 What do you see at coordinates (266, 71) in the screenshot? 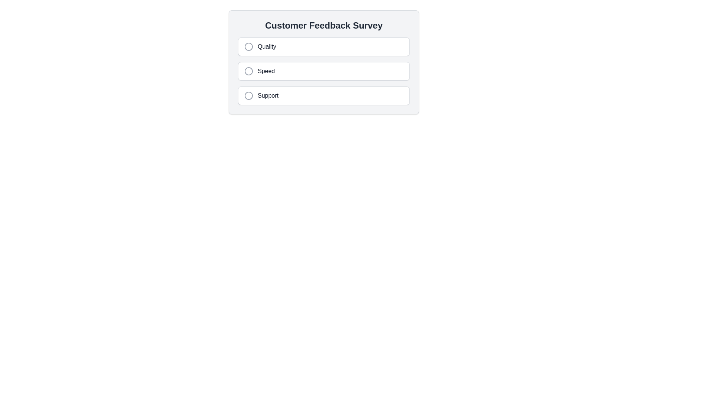
I see `the 'Speed' text label which is the second option in a vertical list of three radio options in the survey form` at bounding box center [266, 71].